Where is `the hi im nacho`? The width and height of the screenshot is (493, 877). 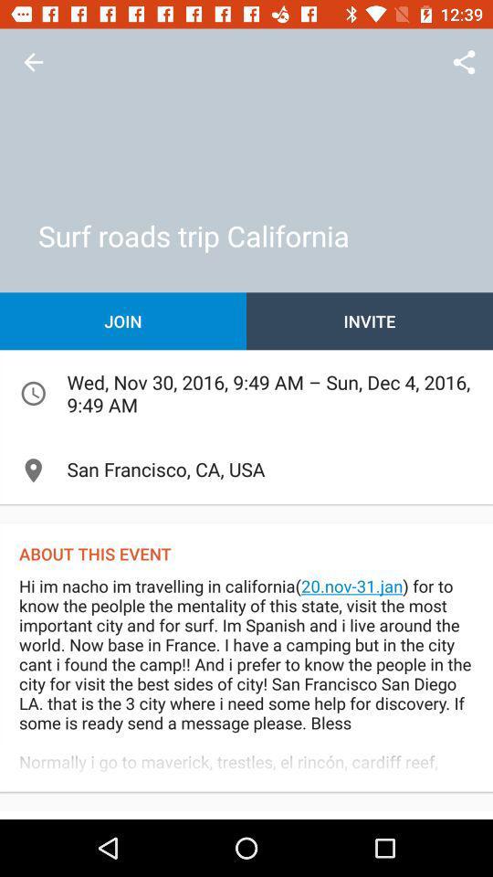 the hi im nacho is located at coordinates (246, 682).